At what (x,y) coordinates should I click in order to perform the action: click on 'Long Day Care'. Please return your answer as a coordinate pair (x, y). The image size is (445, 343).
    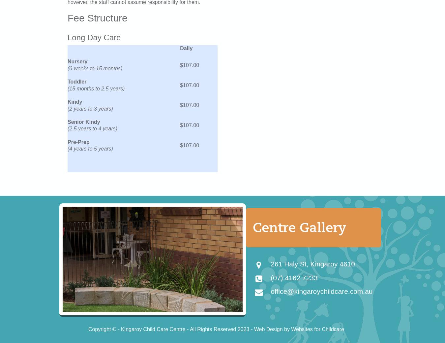
    Looking at the image, I should click on (94, 37).